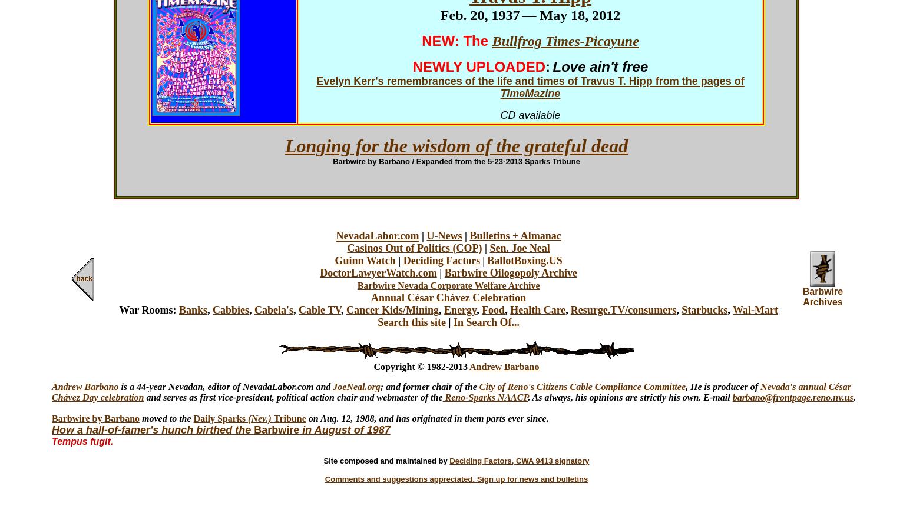 The image size is (913, 513). What do you see at coordinates (356, 386) in the screenshot?
I see `'JoeNeal.org'` at bounding box center [356, 386].